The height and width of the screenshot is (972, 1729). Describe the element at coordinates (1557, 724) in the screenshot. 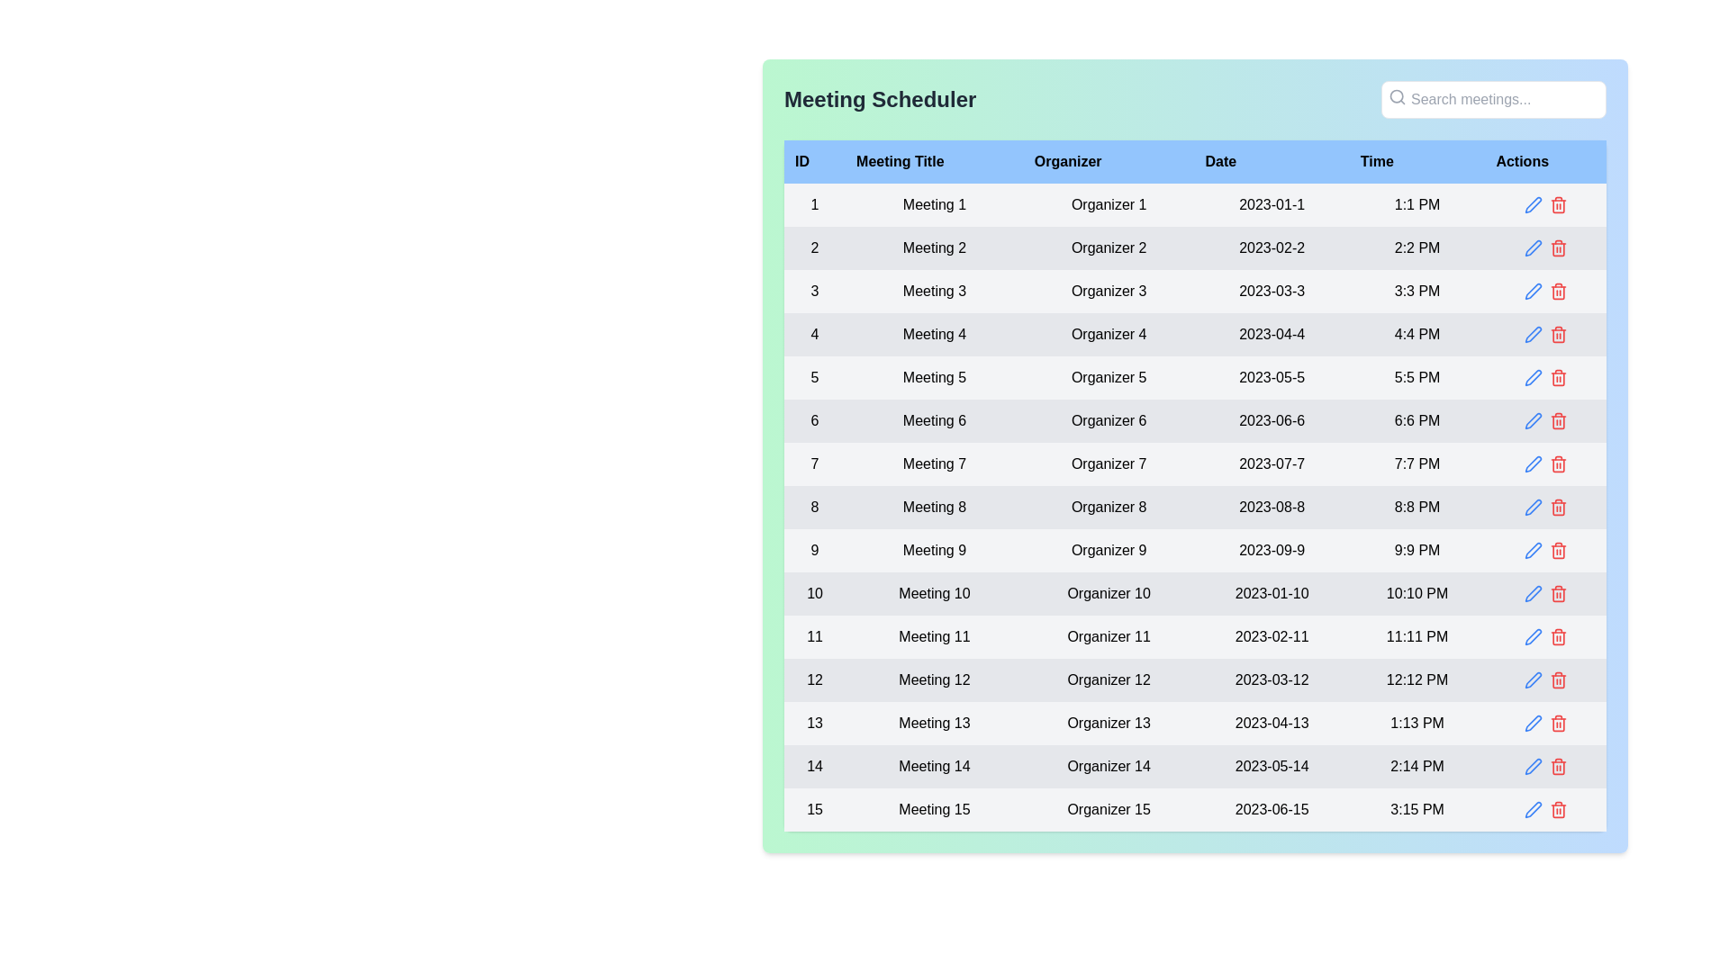

I see `the trash can icon located` at that location.